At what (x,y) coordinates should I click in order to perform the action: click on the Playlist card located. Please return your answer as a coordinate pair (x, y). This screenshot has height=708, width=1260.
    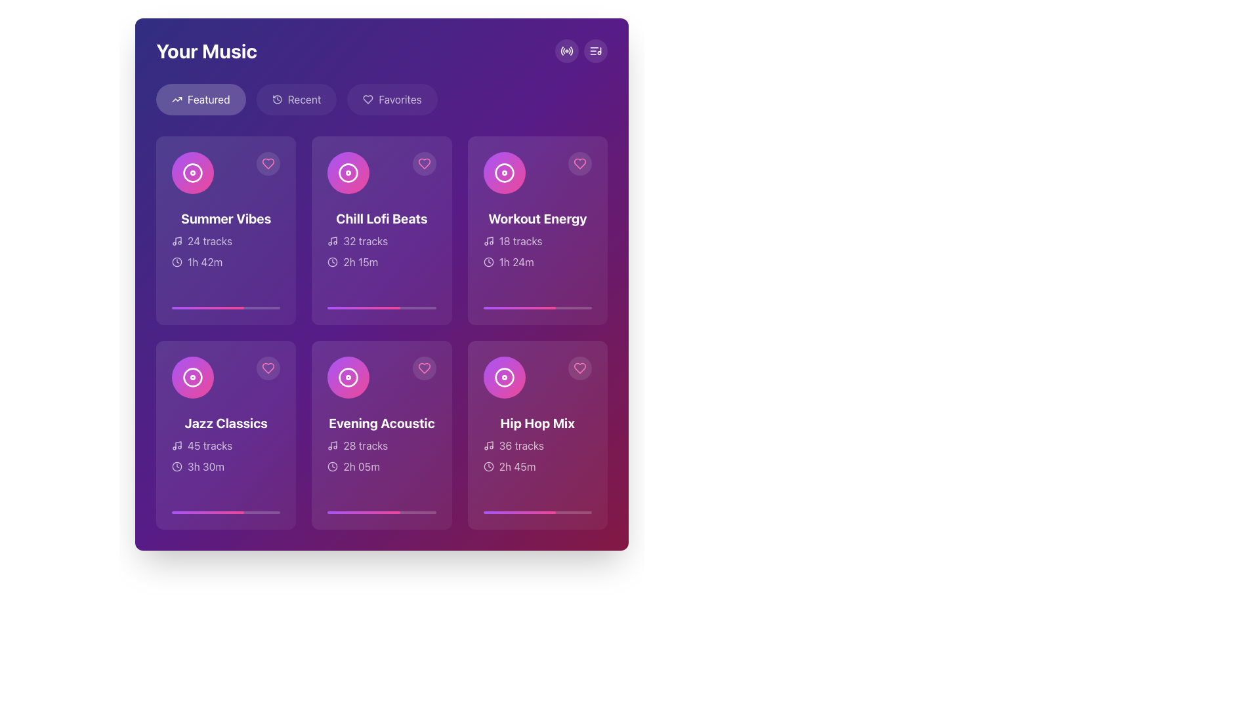
    Looking at the image, I should click on (226, 229).